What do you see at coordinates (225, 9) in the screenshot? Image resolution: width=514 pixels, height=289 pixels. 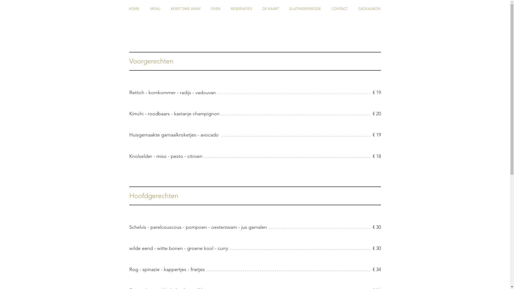 I see `'RESERVATIES'` at bounding box center [225, 9].